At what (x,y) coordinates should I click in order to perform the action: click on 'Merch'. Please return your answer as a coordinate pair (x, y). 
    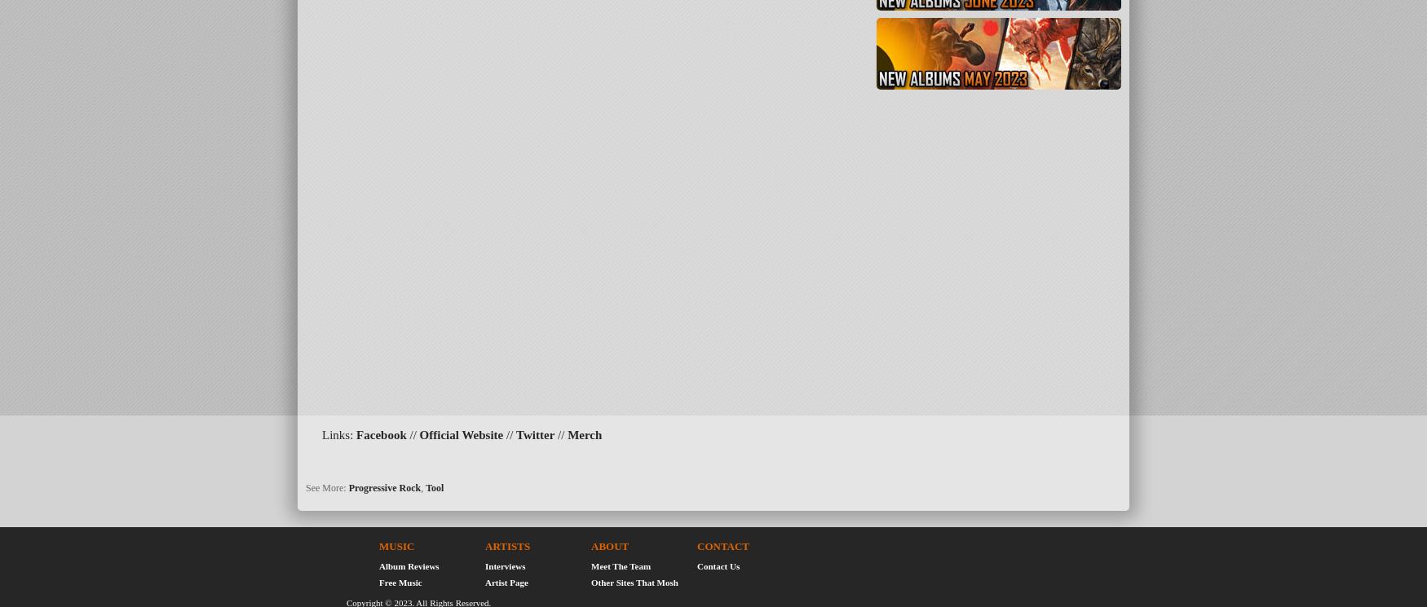
    Looking at the image, I should click on (567, 434).